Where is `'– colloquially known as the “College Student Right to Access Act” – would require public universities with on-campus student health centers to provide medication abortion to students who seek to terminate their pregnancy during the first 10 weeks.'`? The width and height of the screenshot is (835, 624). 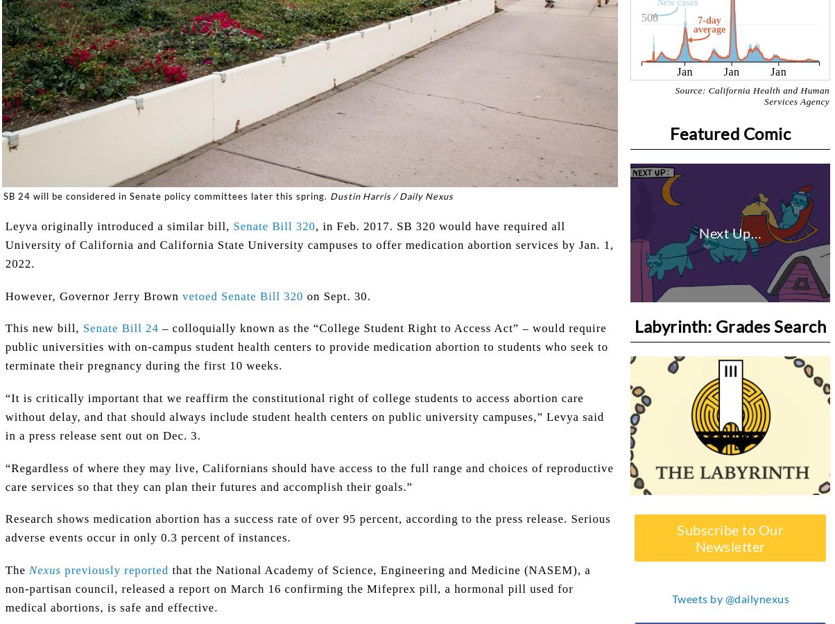
'– colloquially known as the “College Student Right to Access Act” – would require public universities with on-campus student health centers to provide medication abortion to students who seek to terminate their pregnancy during the first 10 weeks.' is located at coordinates (306, 346).